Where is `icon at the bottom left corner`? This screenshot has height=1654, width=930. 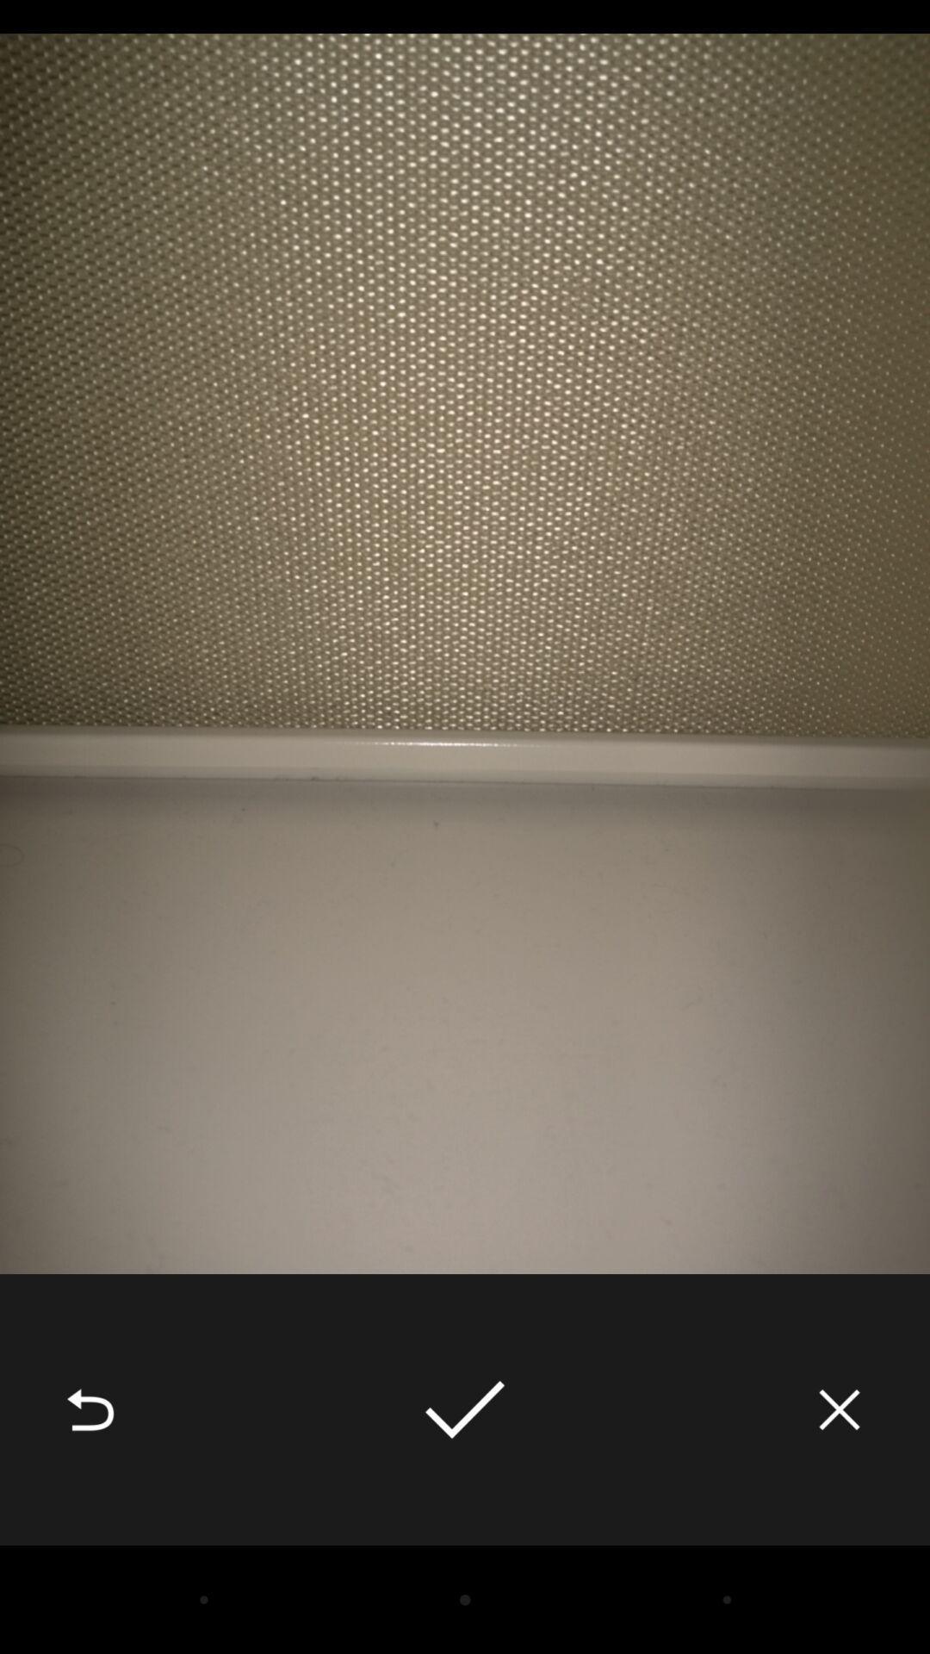
icon at the bottom left corner is located at coordinates (90, 1409).